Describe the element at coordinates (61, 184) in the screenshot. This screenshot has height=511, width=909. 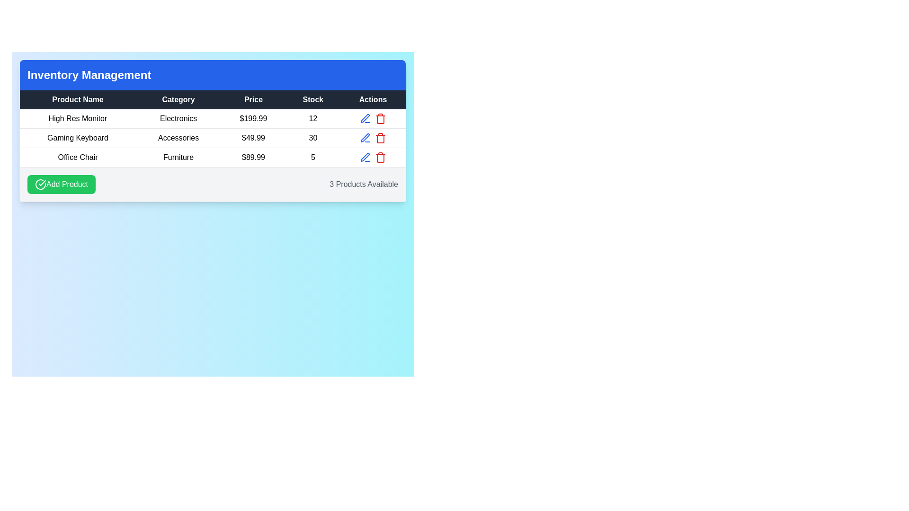
I see `the button located in the bottom left corner of the 'Inventory Management' panel` at that location.